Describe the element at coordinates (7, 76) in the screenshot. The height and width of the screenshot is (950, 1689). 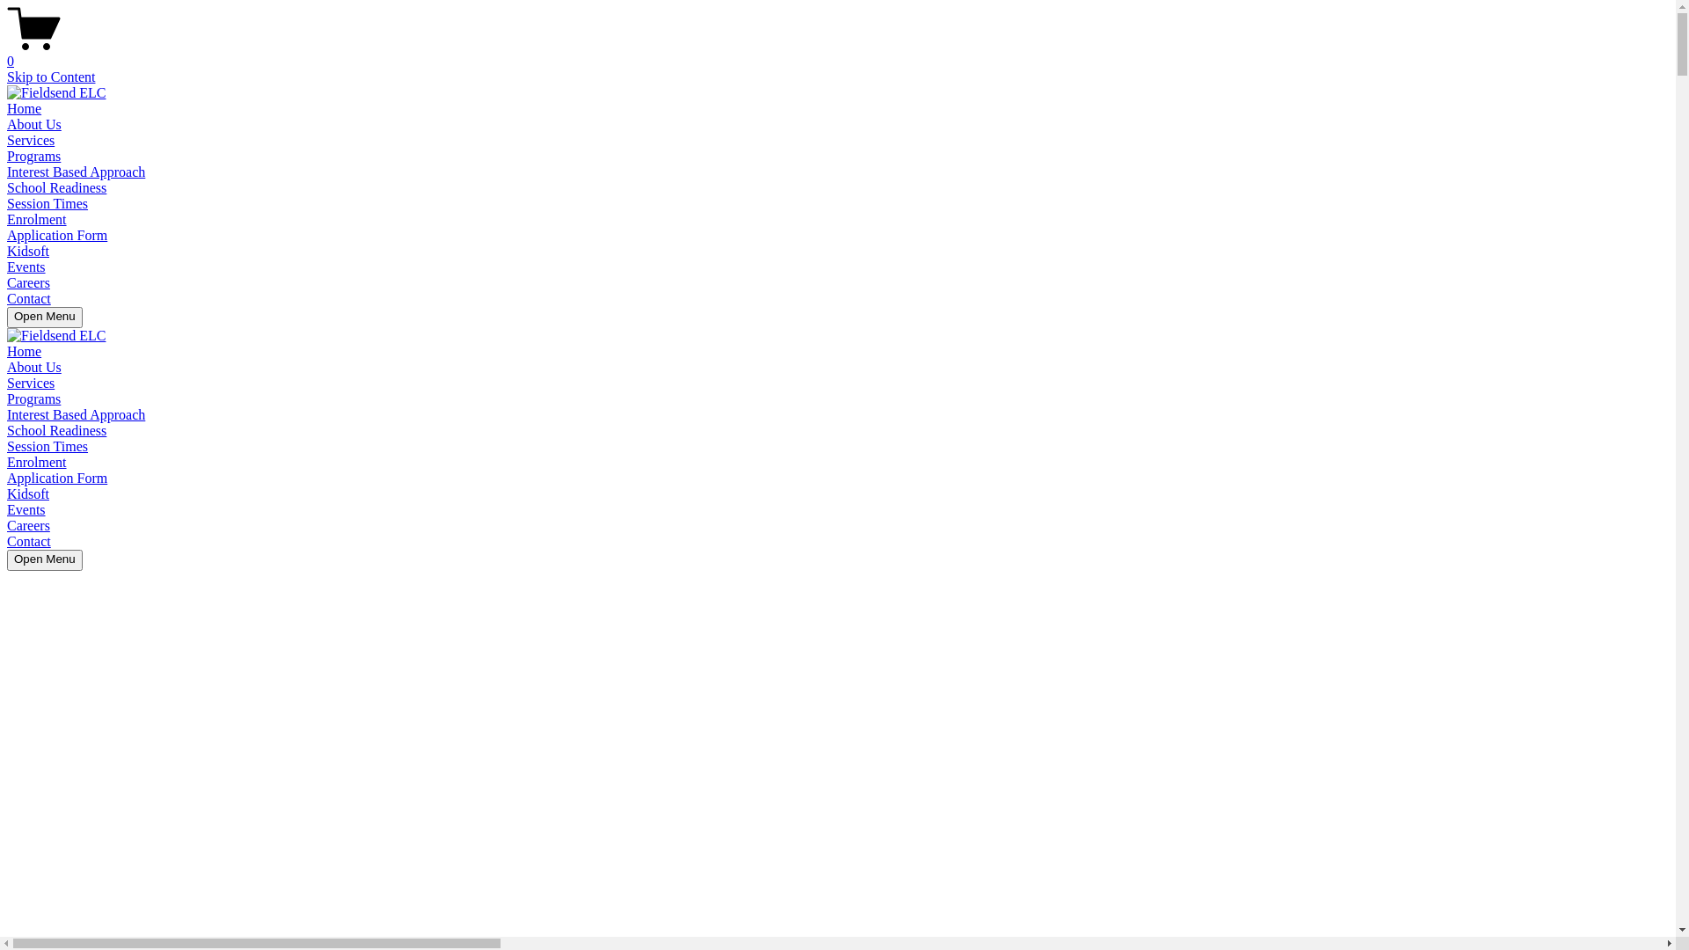
I see `'Skip to Content'` at that location.